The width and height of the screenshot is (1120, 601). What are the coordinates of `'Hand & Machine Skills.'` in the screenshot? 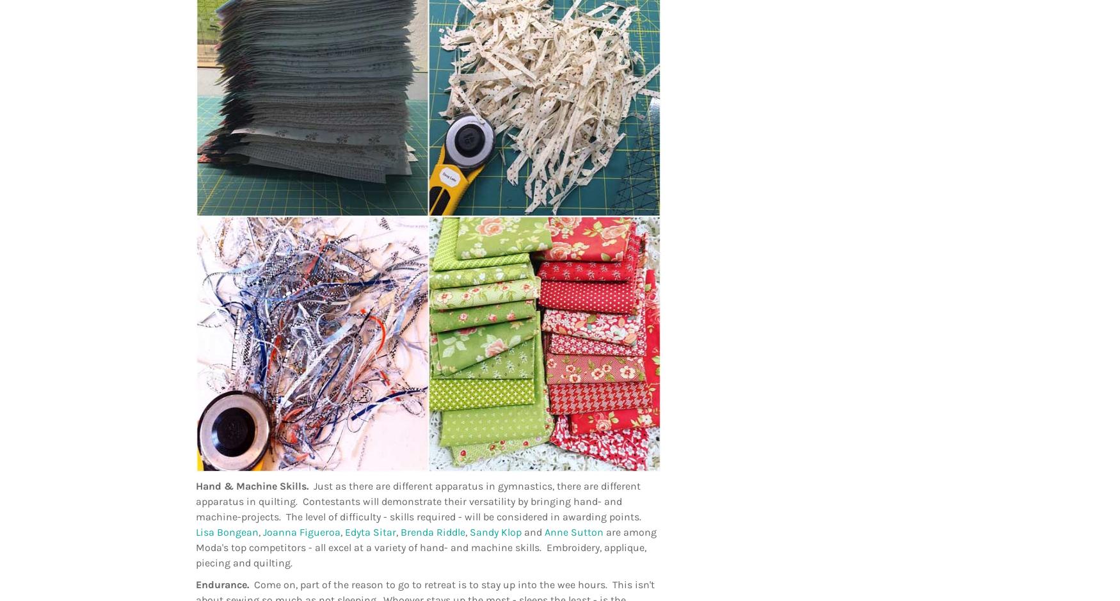 It's located at (253, 485).